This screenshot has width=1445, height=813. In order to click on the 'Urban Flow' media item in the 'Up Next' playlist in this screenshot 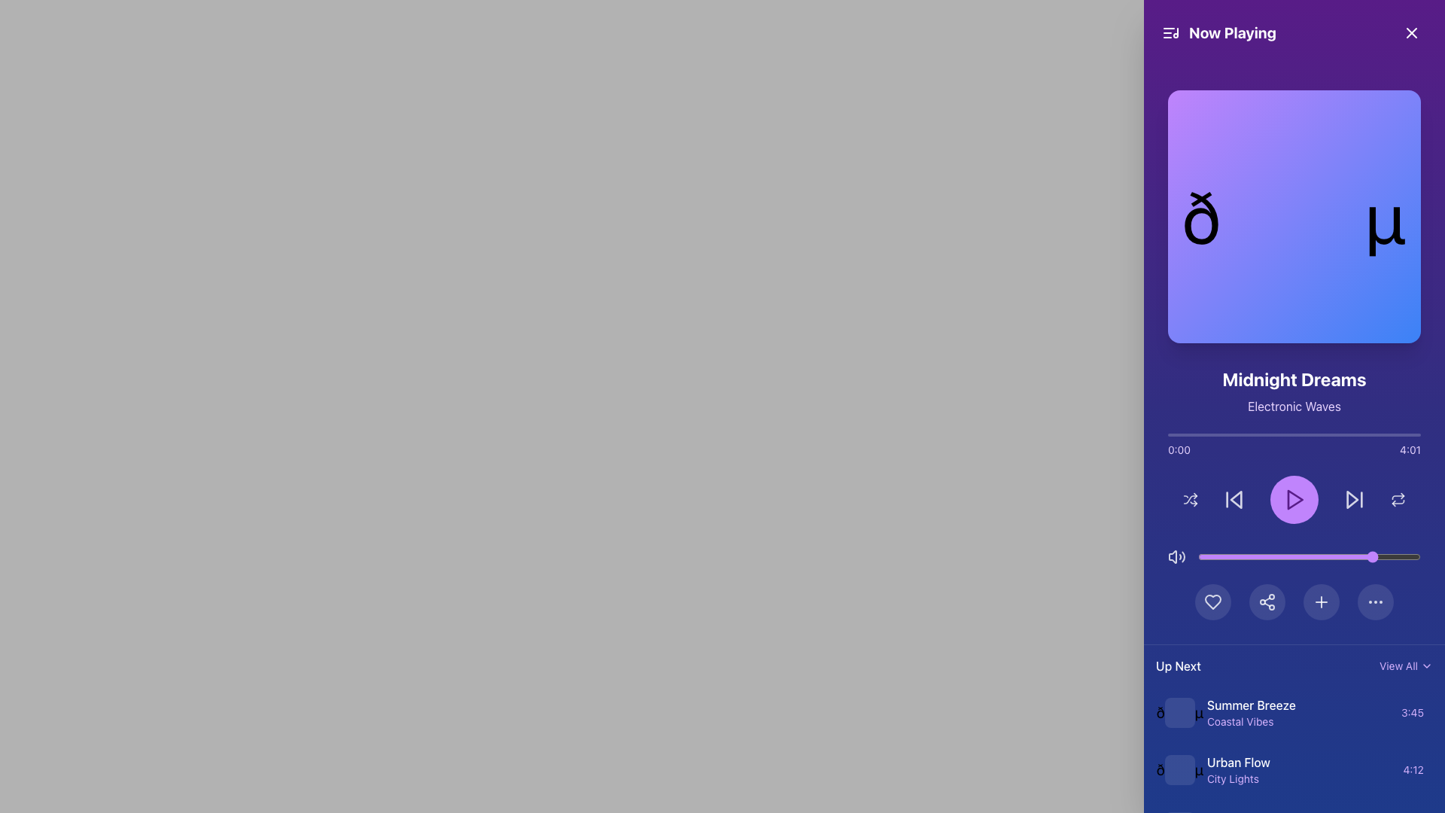, I will do `click(1298, 769)`.